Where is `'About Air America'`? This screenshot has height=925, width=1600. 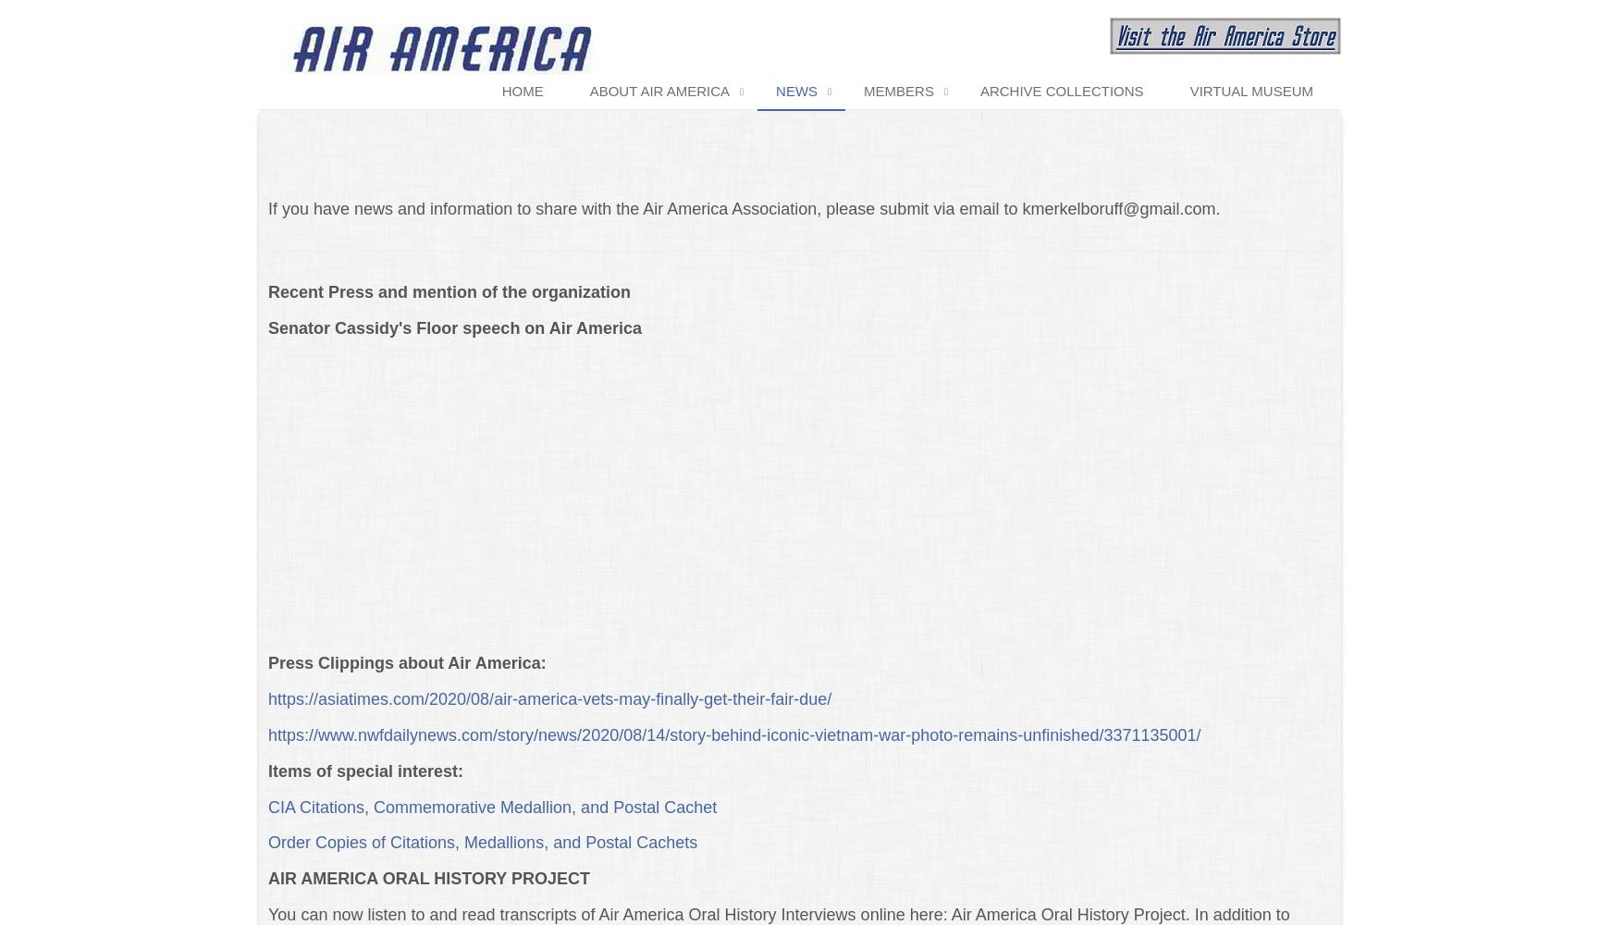
'About Air America' is located at coordinates (658, 89).